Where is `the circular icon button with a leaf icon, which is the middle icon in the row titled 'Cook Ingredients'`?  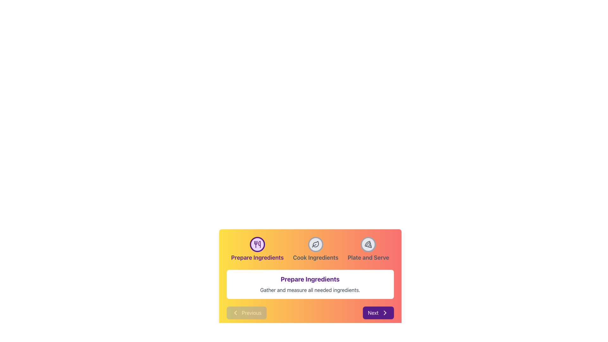
the circular icon button with a leaf icon, which is the middle icon in the row titled 'Cook Ingredients' is located at coordinates (315, 244).